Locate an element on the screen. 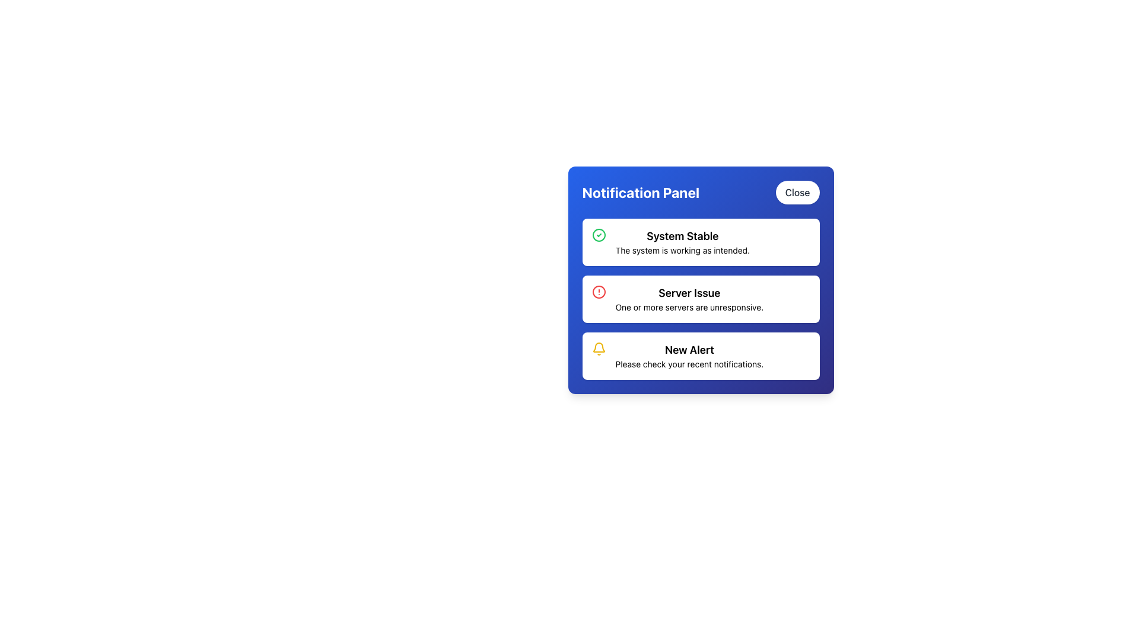  the close button located in the top-right corner of the notification panel is located at coordinates (797, 191).